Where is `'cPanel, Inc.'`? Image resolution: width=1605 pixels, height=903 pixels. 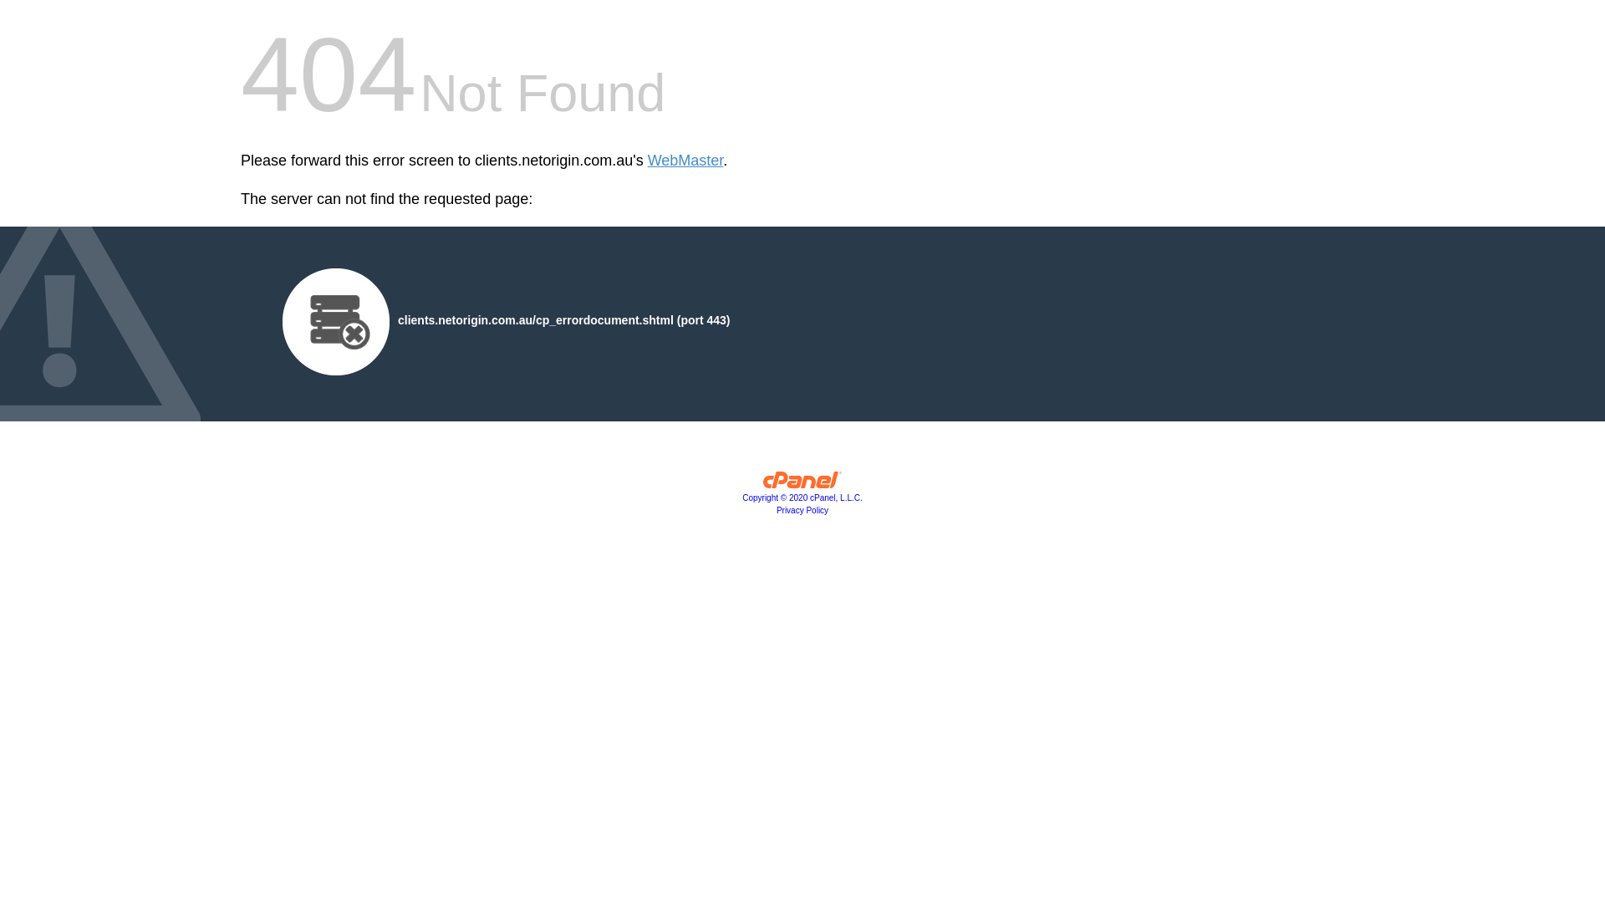
'cPanel, Inc.' is located at coordinates (762, 483).